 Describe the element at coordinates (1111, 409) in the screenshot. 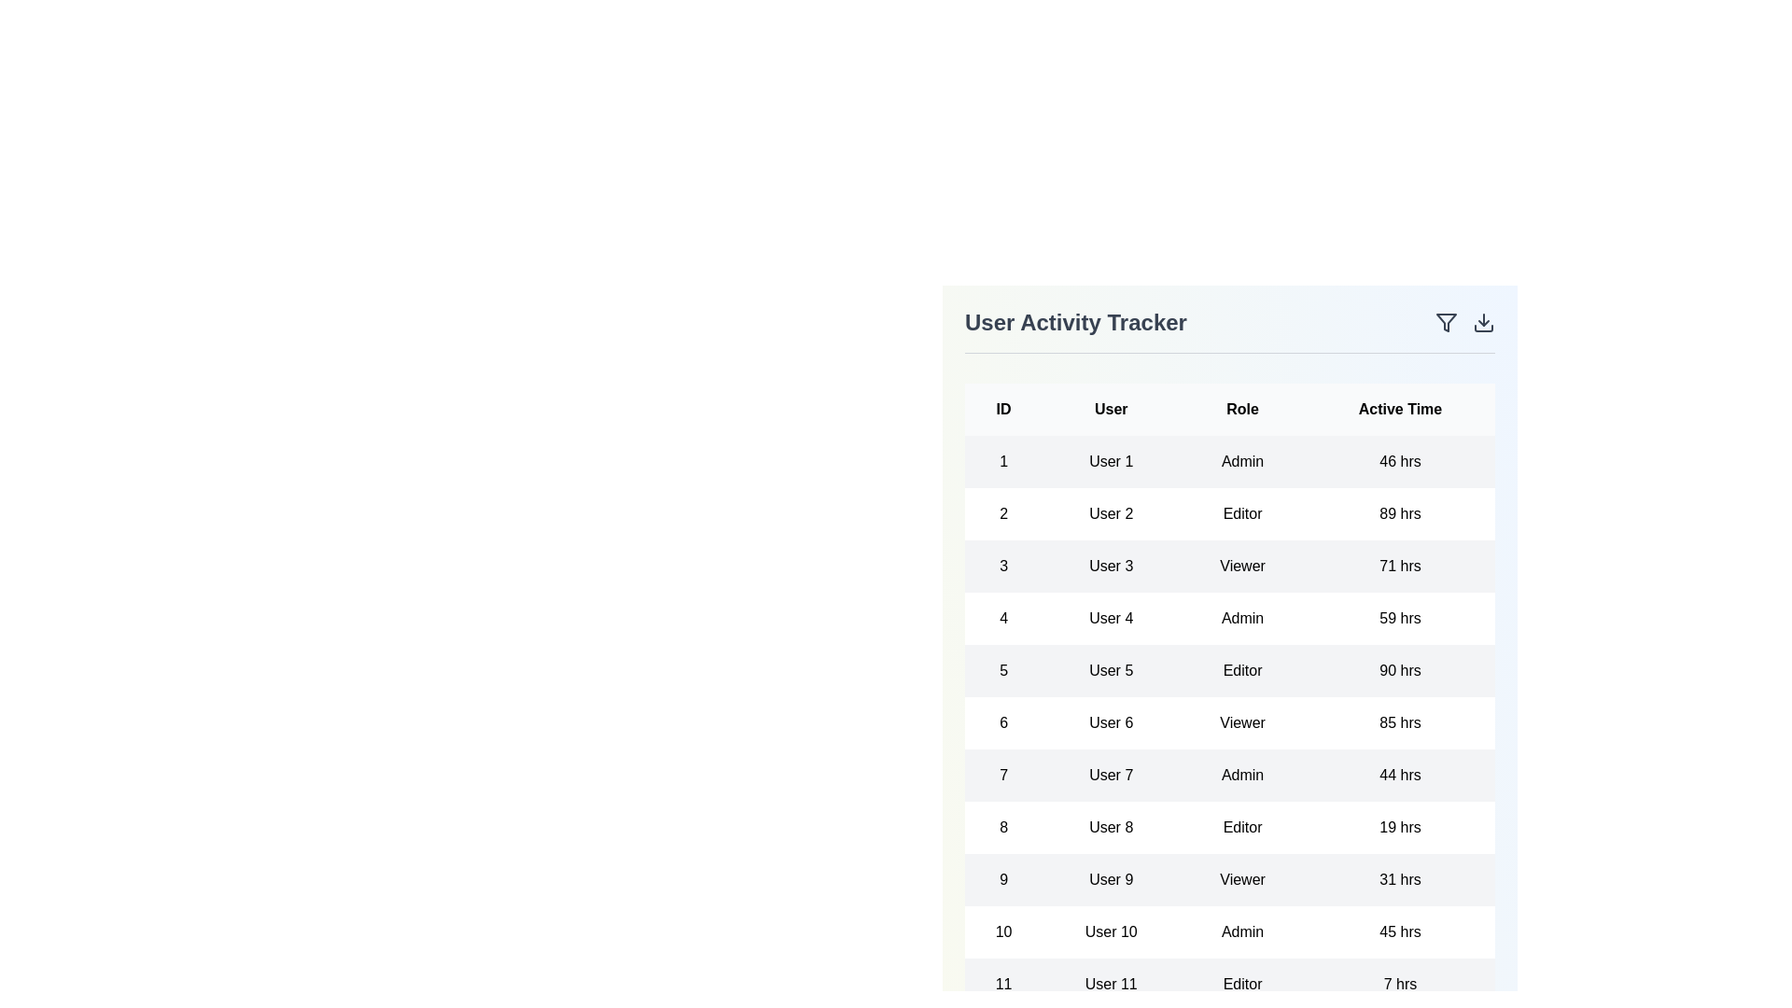

I see `the column header User to sort the table by that column` at that location.